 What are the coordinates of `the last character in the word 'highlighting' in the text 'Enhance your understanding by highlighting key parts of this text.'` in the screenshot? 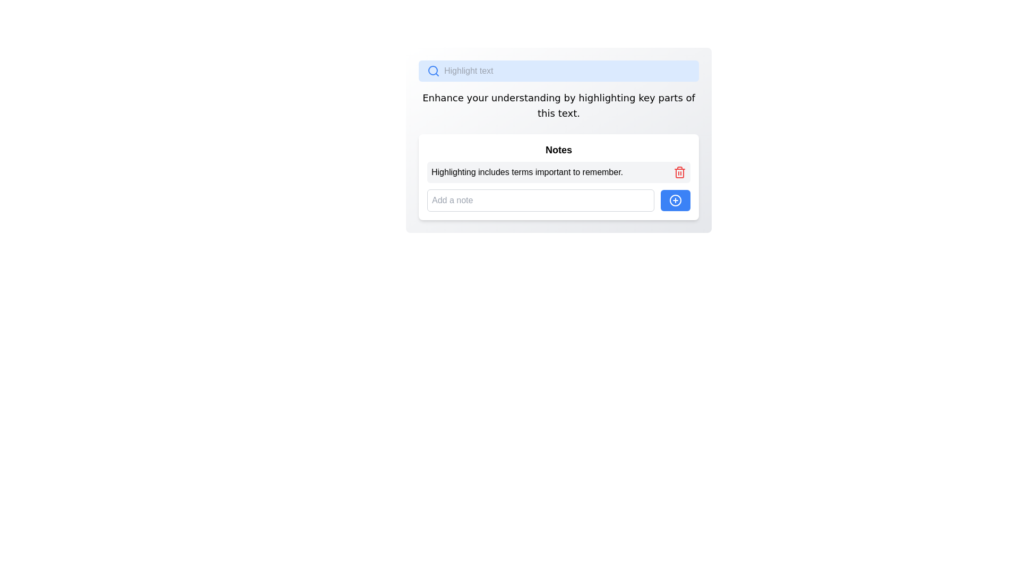 It's located at (632, 98).